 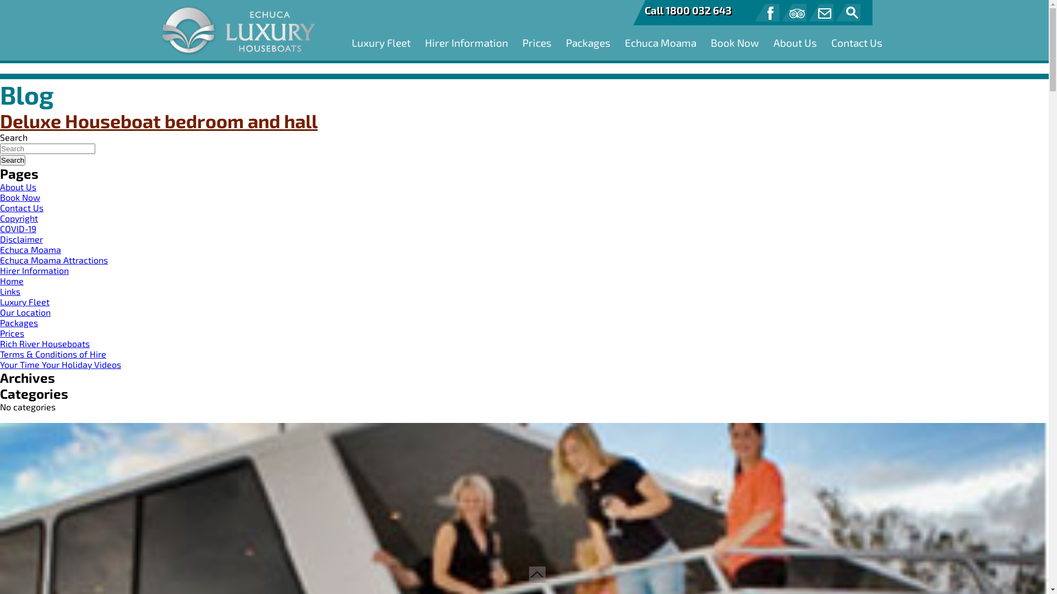 I want to click on 'Prices', so click(x=12, y=332).